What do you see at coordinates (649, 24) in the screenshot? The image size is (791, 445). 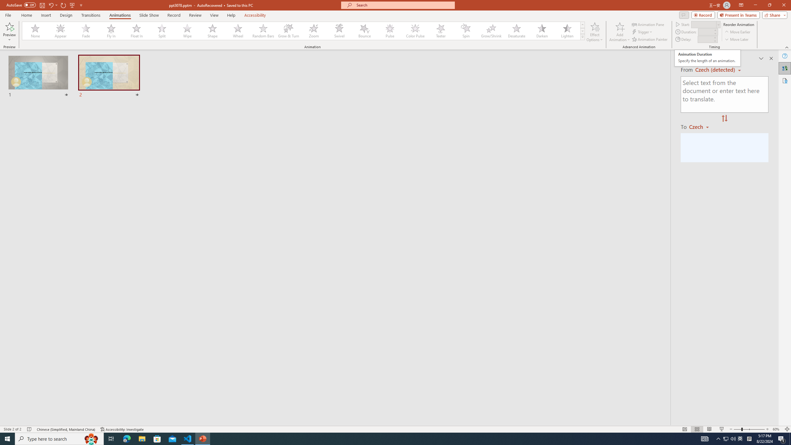 I see `'Animation Pane'` at bounding box center [649, 24].